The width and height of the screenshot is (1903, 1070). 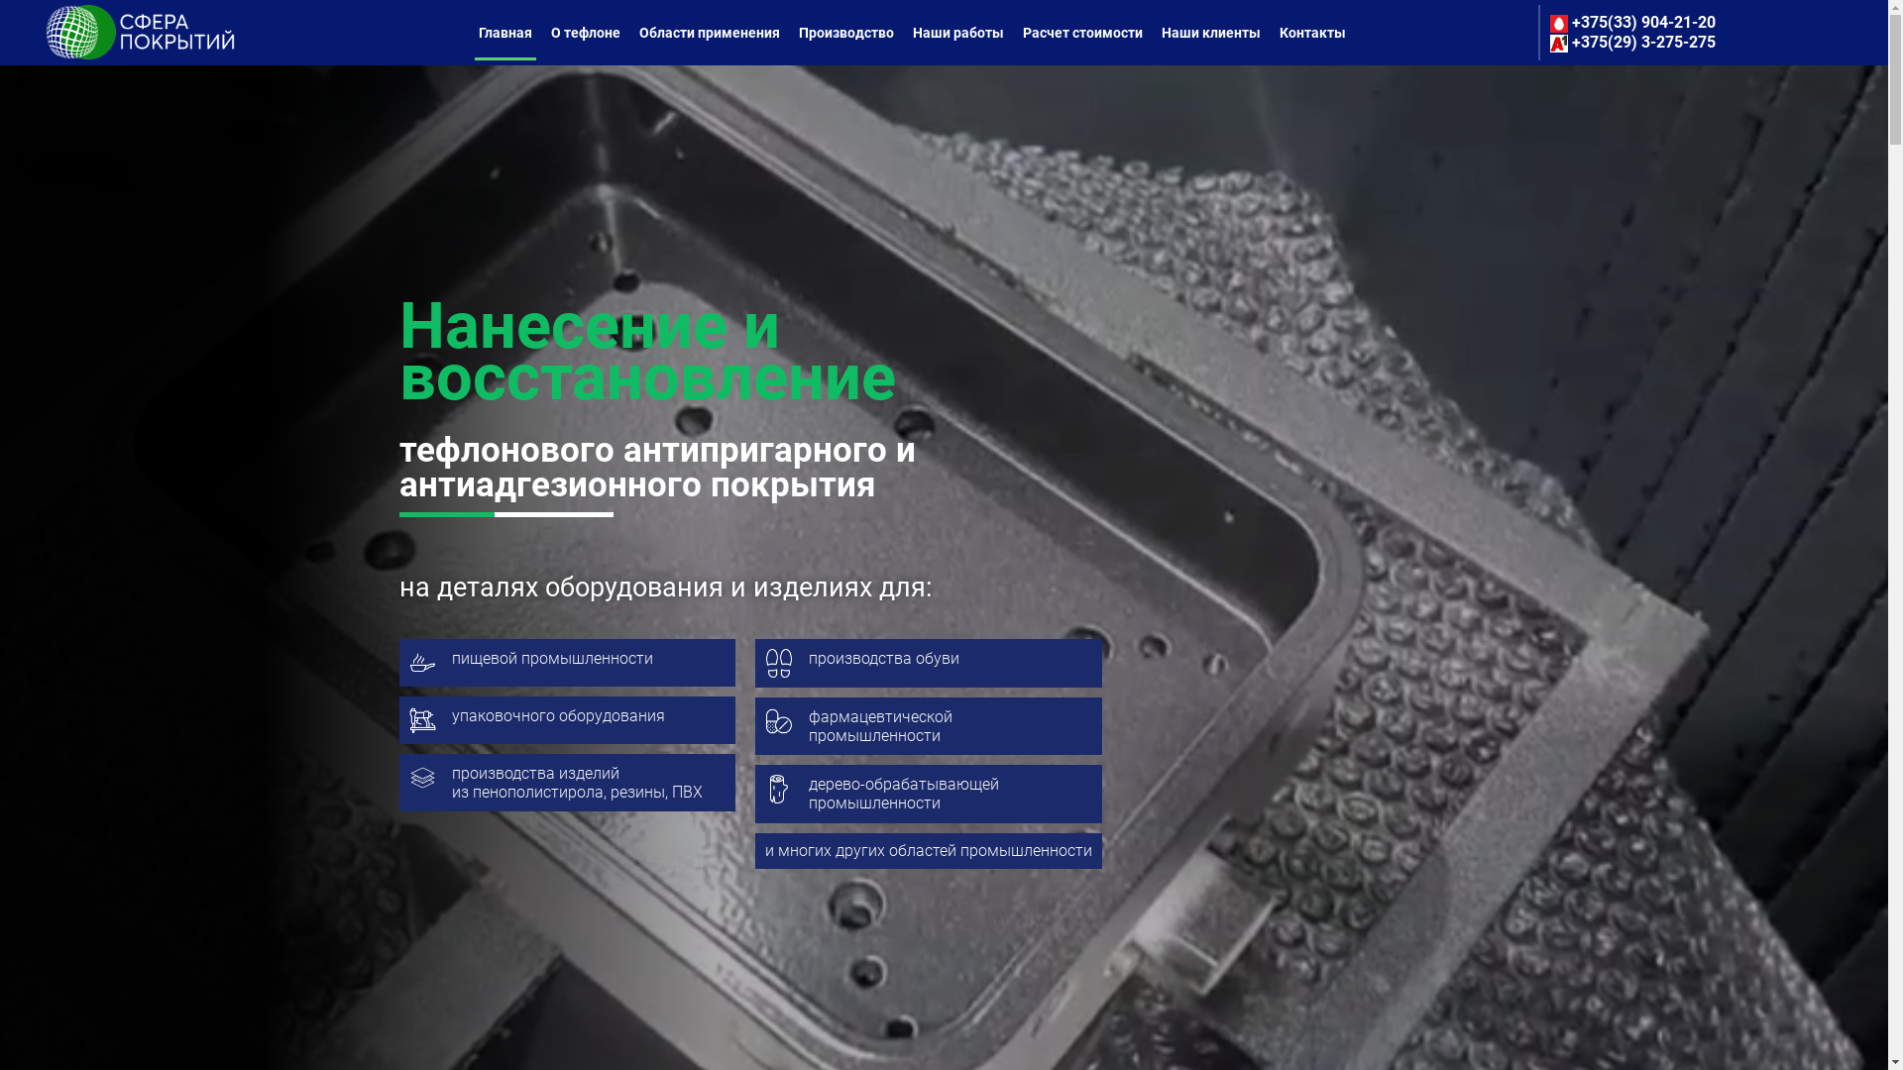 What do you see at coordinates (1632, 22) in the screenshot?
I see `'+375(33) 904-21-20'` at bounding box center [1632, 22].